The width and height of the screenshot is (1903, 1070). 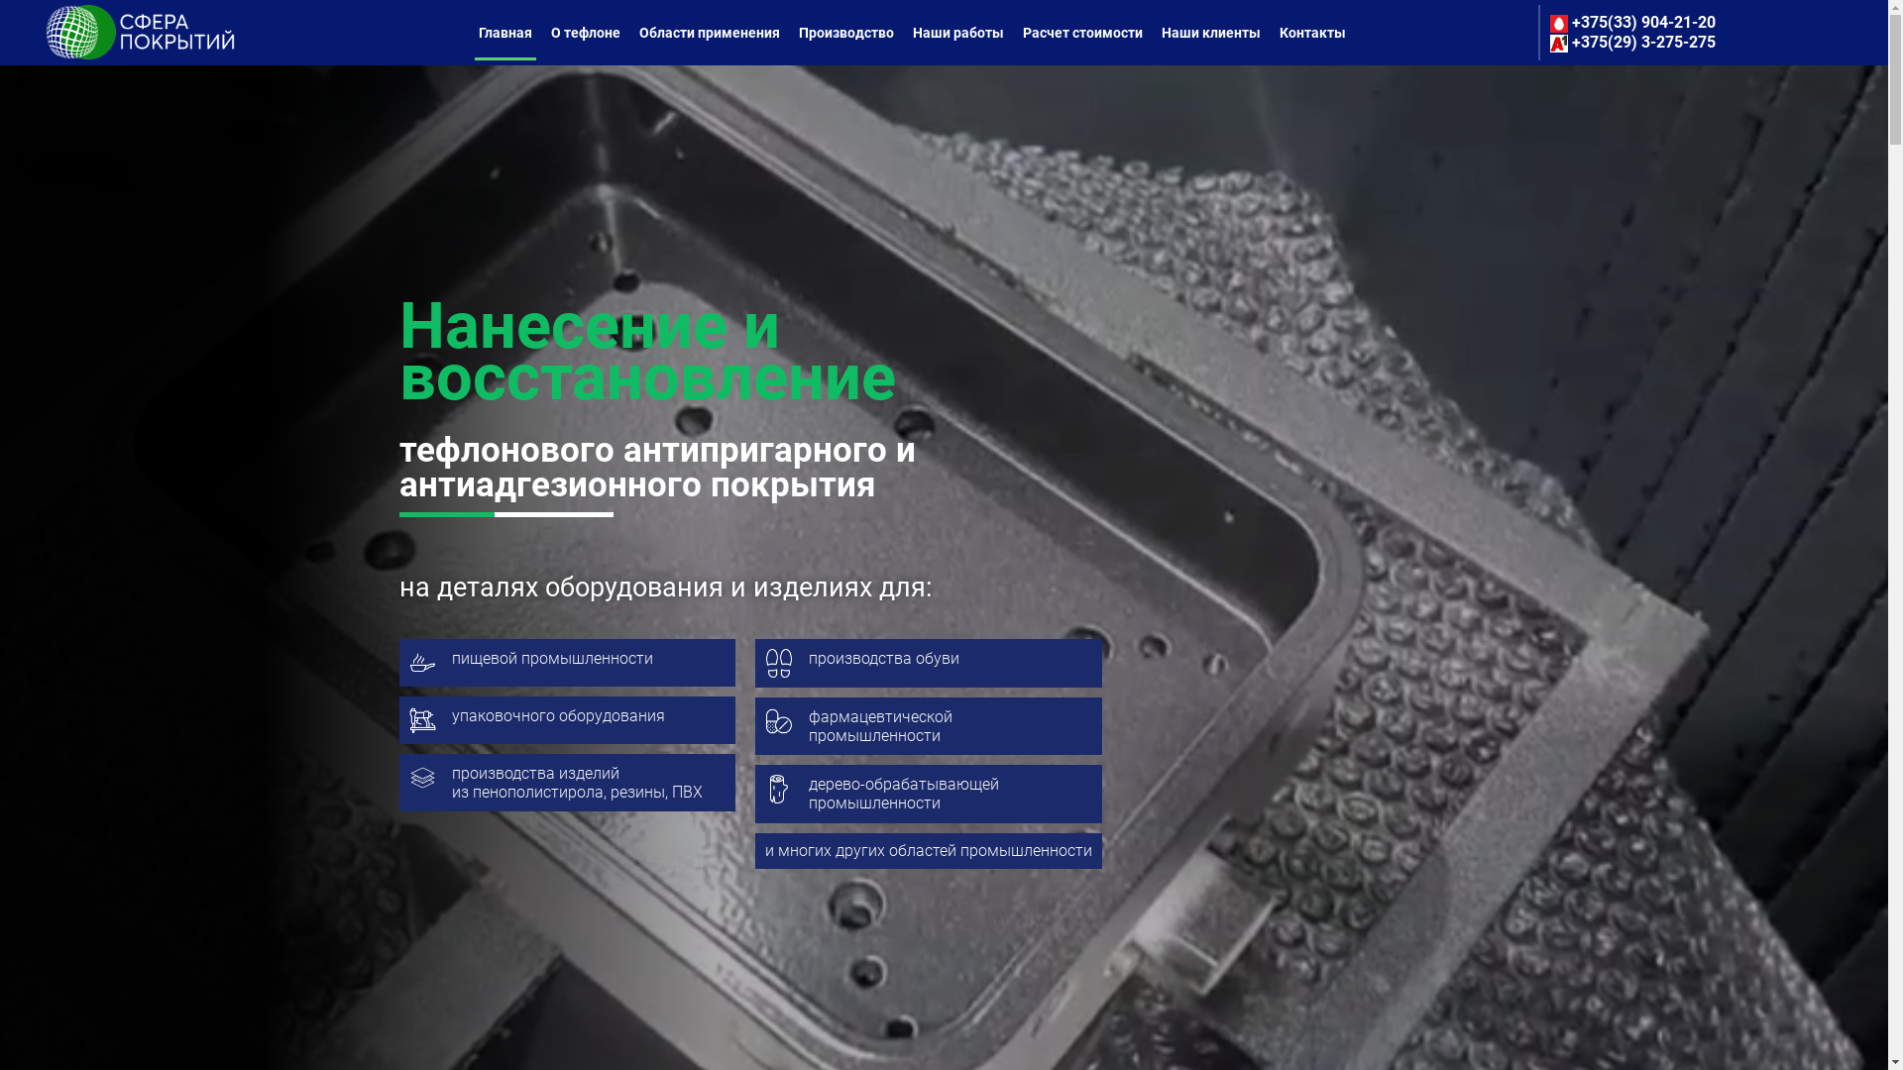 What do you see at coordinates (1632, 22) in the screenshot?
I see `'+375(33) 904-21-20'` at bounding box center [1632, 22].